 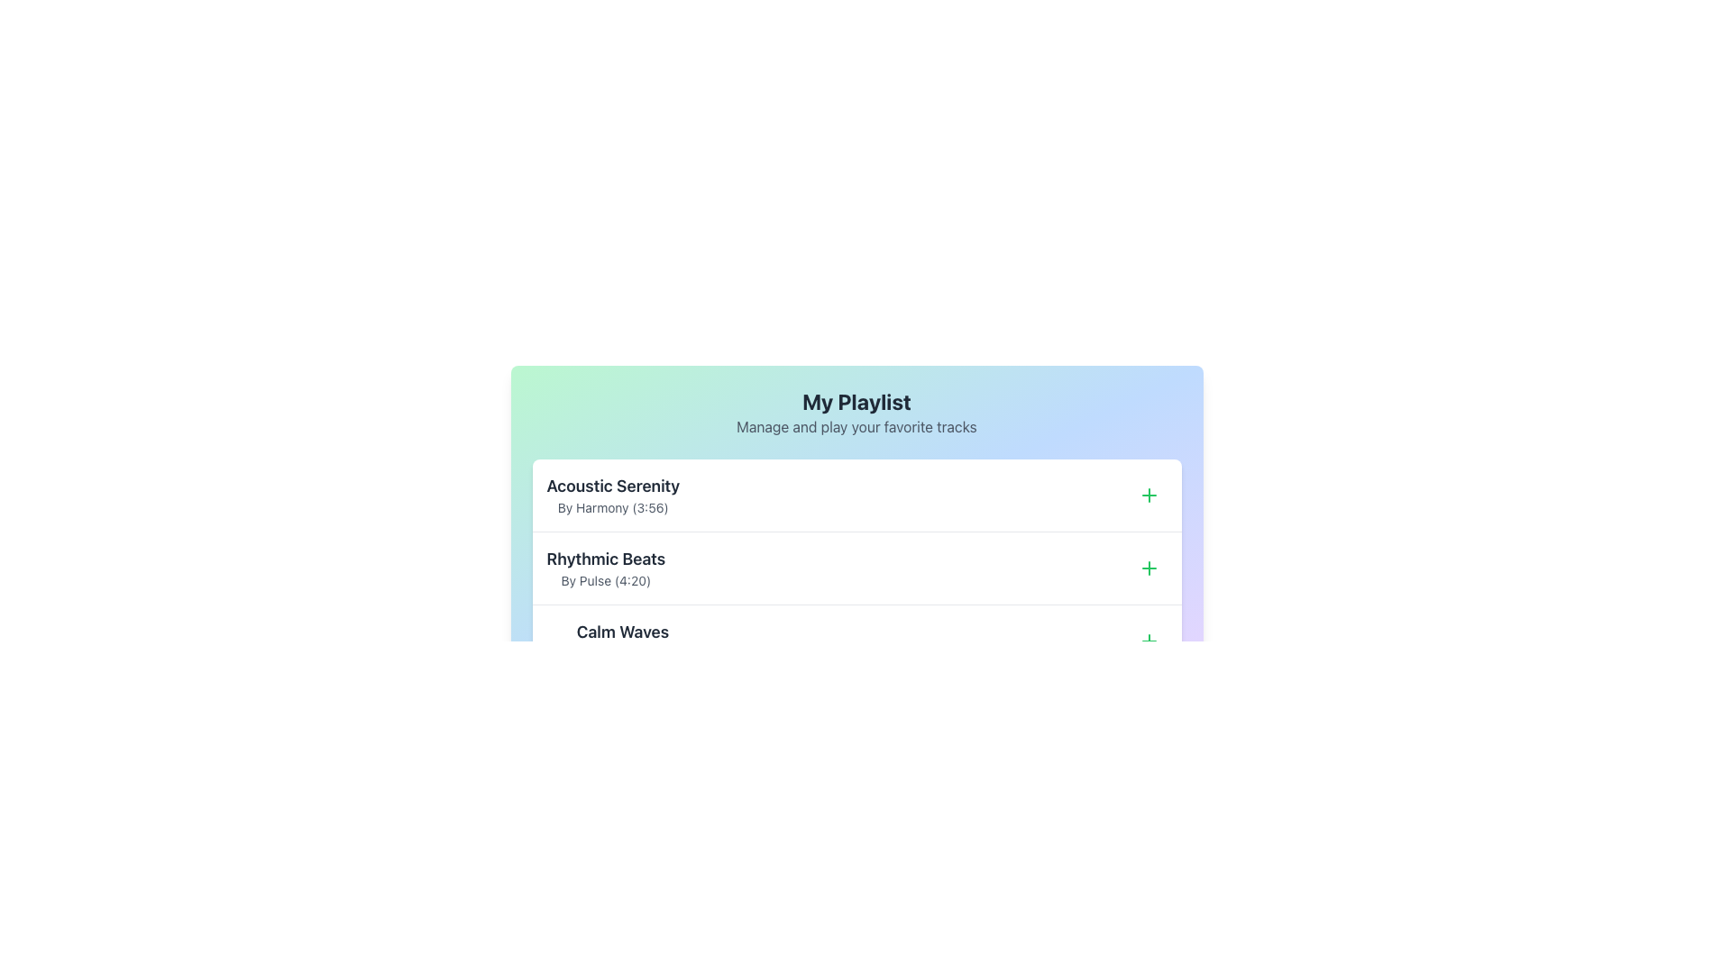 What do you see at coordinates (1148, 568) in the screenshot?
I see `the green plus icon button located on the right side of the 'Rhythmic Beats' playlist entry` at bounding box center [1148, 568].